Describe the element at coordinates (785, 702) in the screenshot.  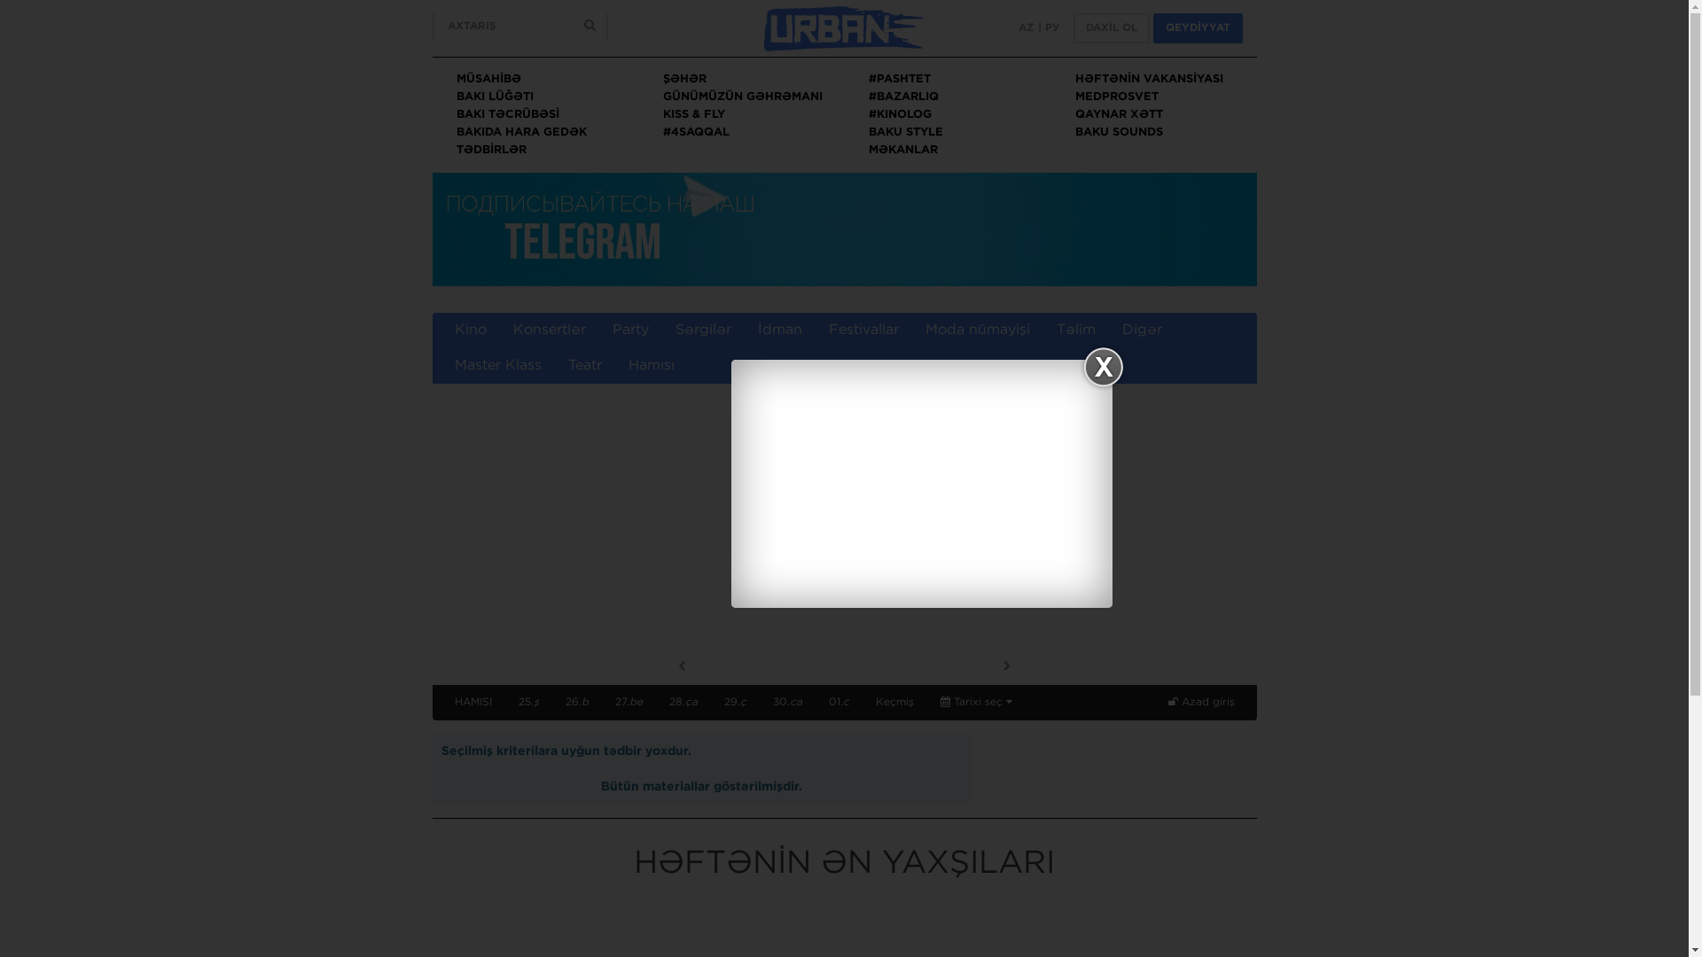
I see `'30.ca'` at that location.